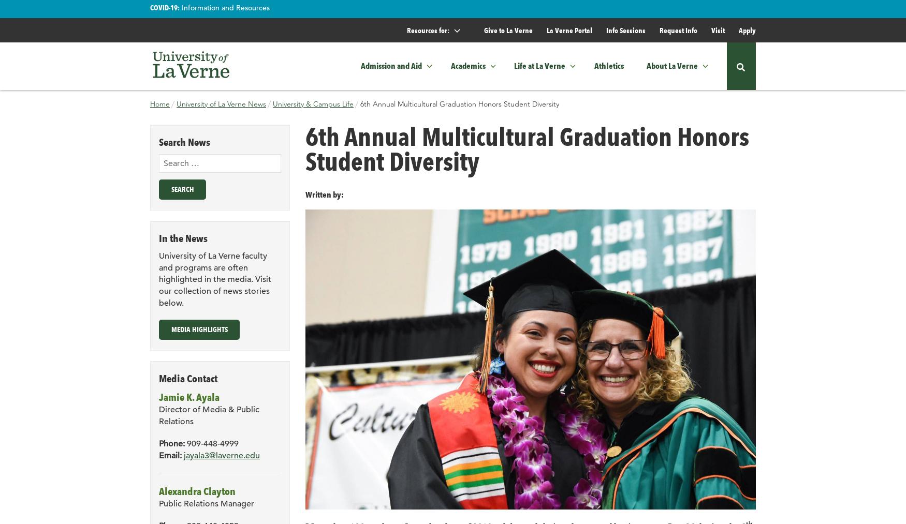 This screenshot has height=524, width=906. I want to click on 'Media Contact', so click(188, 378).